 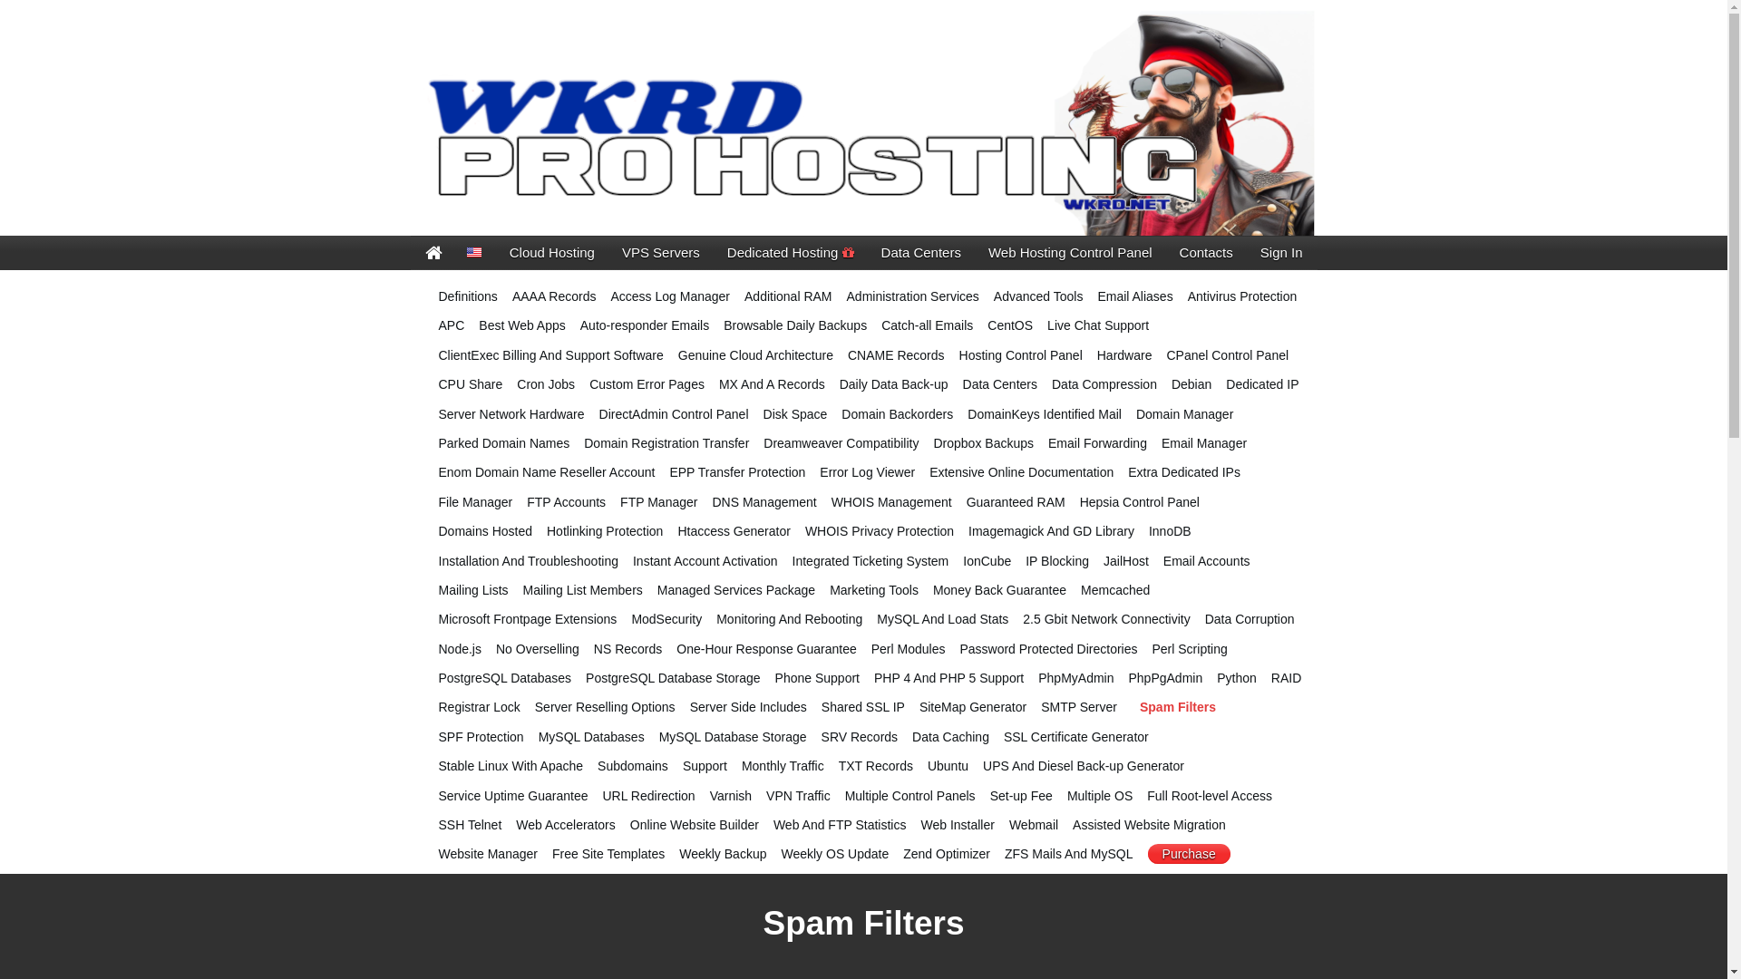 I want to click on 'Microsoft Frontpage Extensions', so click(x=527, y=617).